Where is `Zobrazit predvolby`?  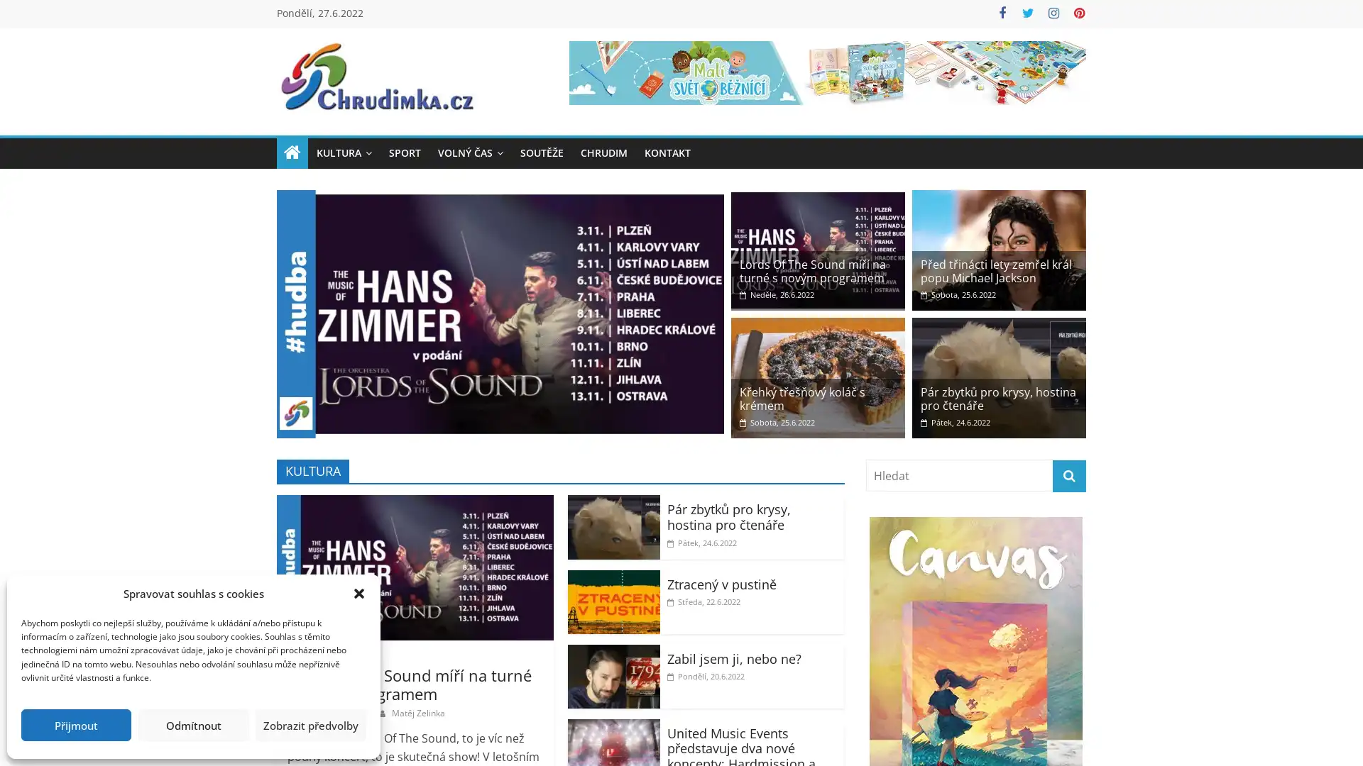
Zobrazit predvolby is located at coordinates (310, 725).